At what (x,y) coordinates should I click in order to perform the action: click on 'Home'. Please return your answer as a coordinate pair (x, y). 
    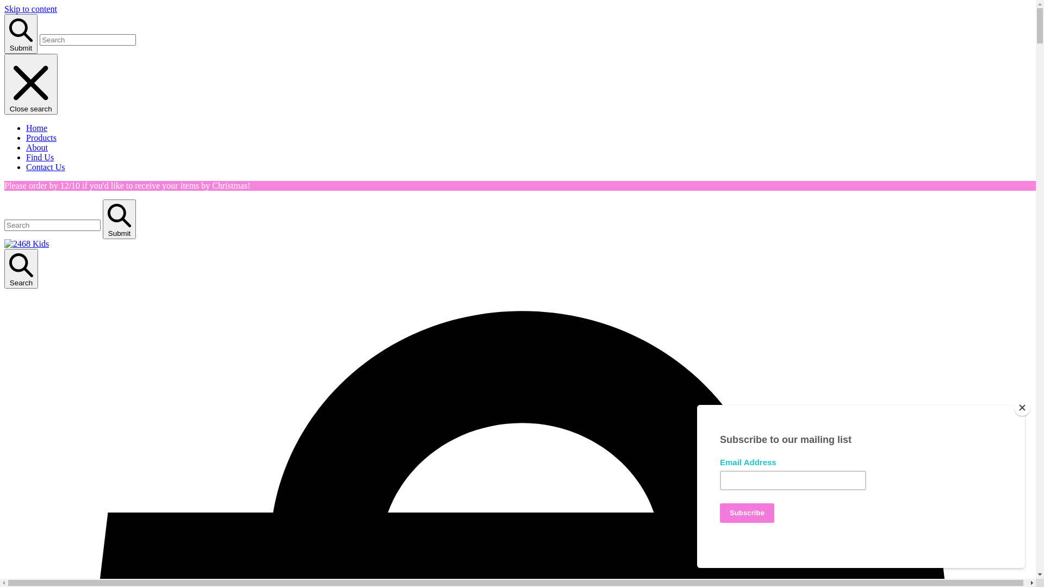
    Looking at the image, I should click on (36, 127).